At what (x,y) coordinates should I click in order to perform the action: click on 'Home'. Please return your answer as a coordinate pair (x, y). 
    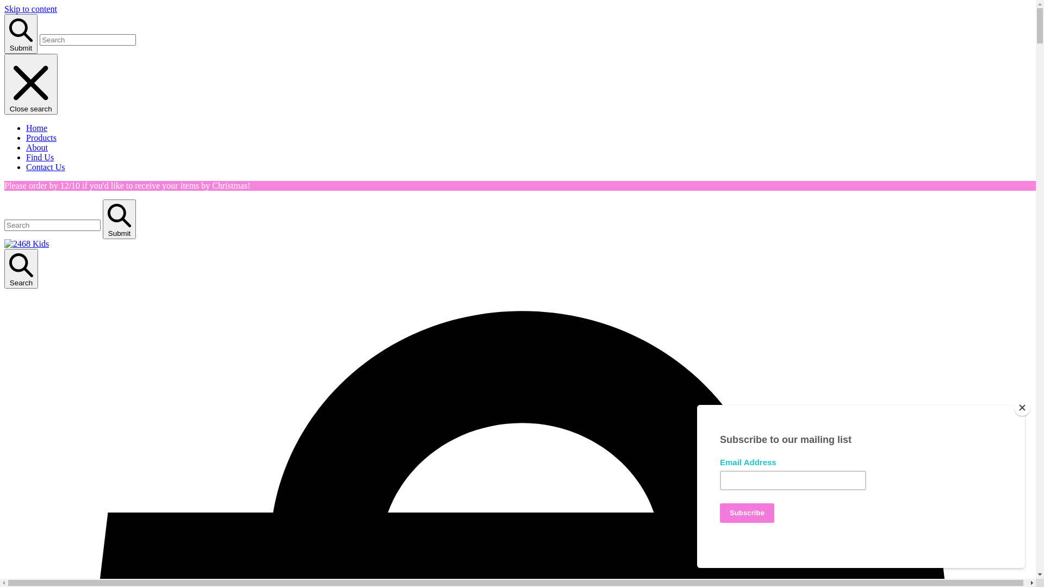
    Looking at the image, I should click on (36, 127).